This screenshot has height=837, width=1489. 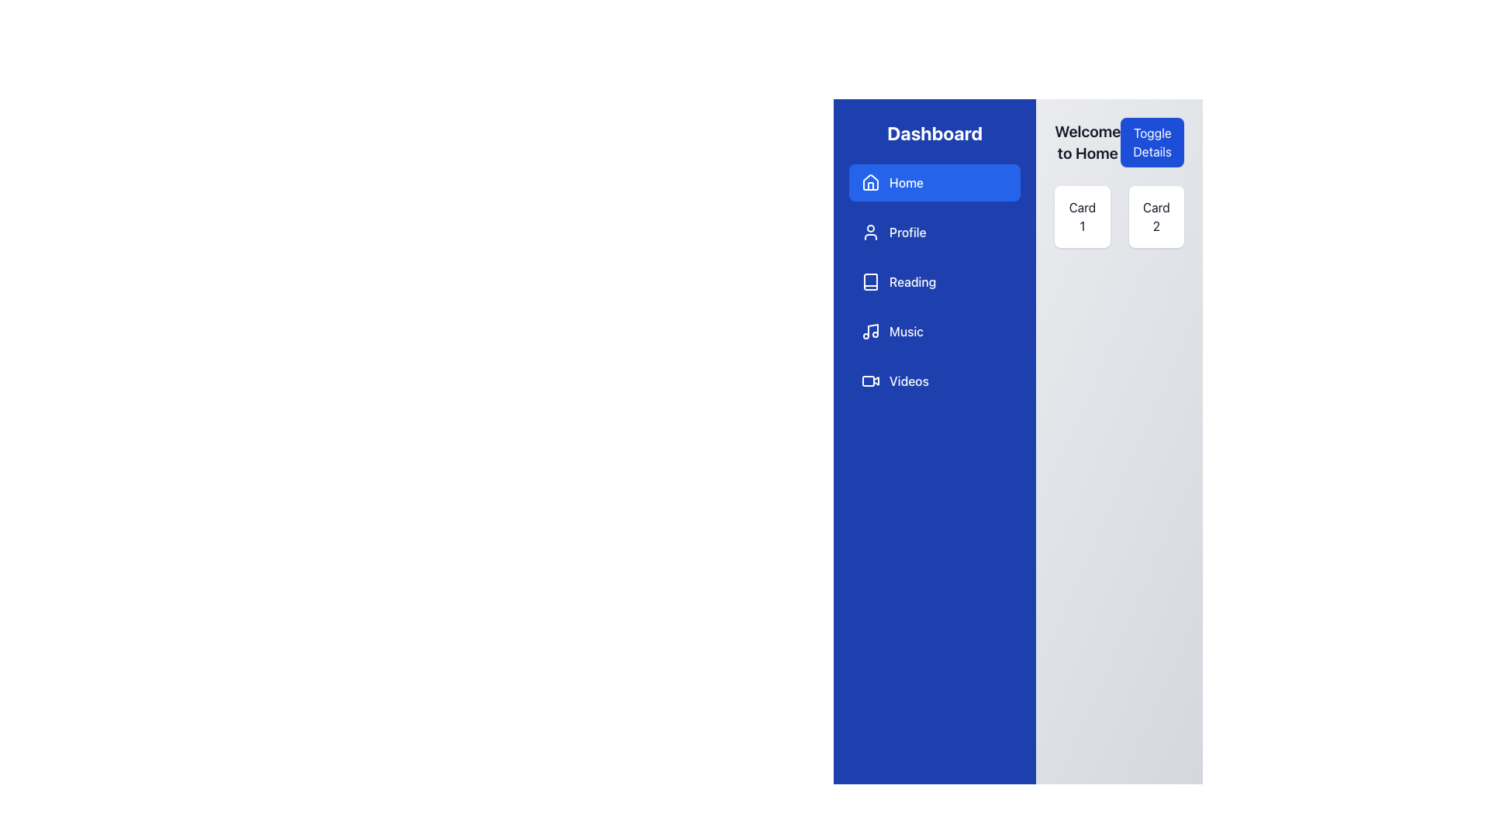 I want to click on the icon segment representing 'Reading' in the sidebar menu, which resembles a book with rounded corners and a vertical division line, so click(x=871, y=281).